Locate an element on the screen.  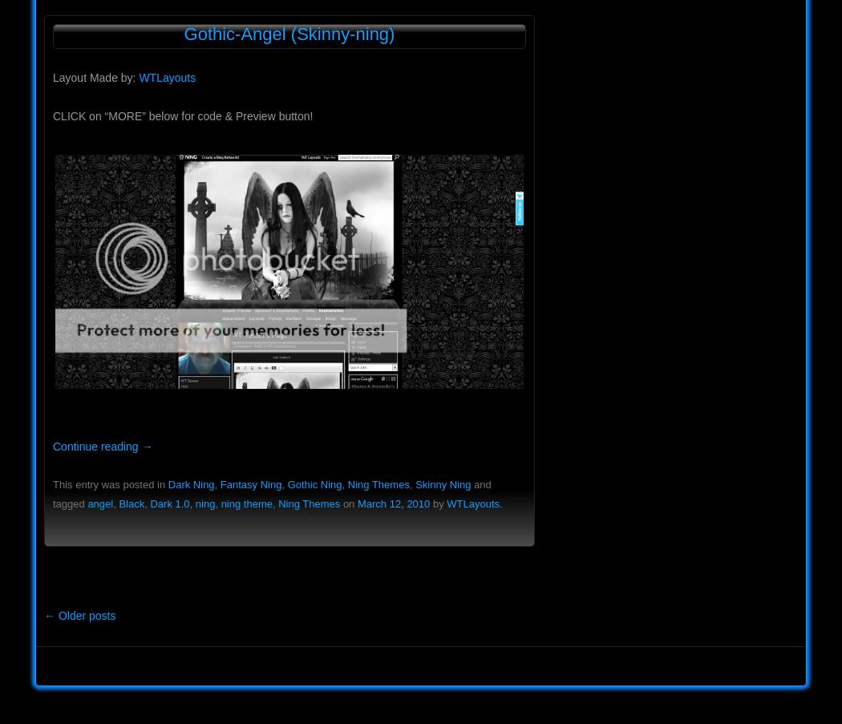
'.' is located at coordinates (499, 504).